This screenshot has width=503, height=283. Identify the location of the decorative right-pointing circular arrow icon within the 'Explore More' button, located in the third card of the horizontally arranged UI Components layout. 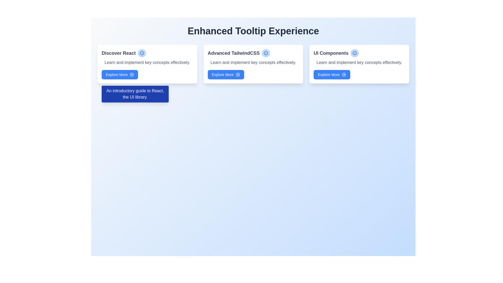
(344, 75).